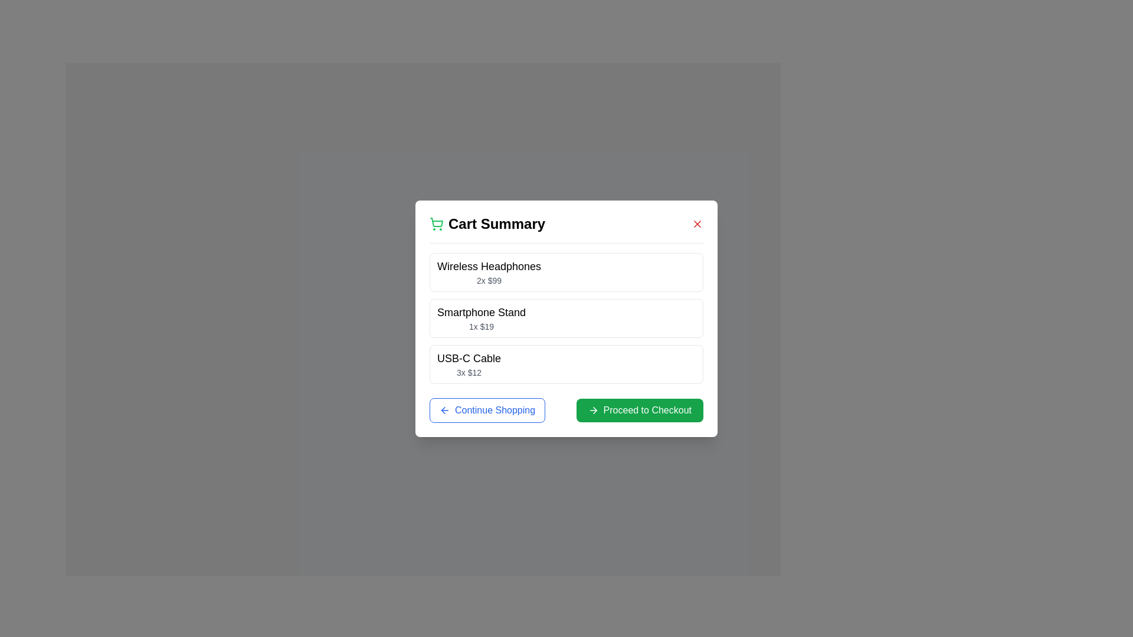  What do you see at coordinates (469, 363) in the screenshot?
I see `the 'USB-C Cable' text display element in the 'Cart Summary' dialog, which is the third item in the list, located between 'Smartphone Stand' and the bottom buttons` at bounding box center [469, 363].